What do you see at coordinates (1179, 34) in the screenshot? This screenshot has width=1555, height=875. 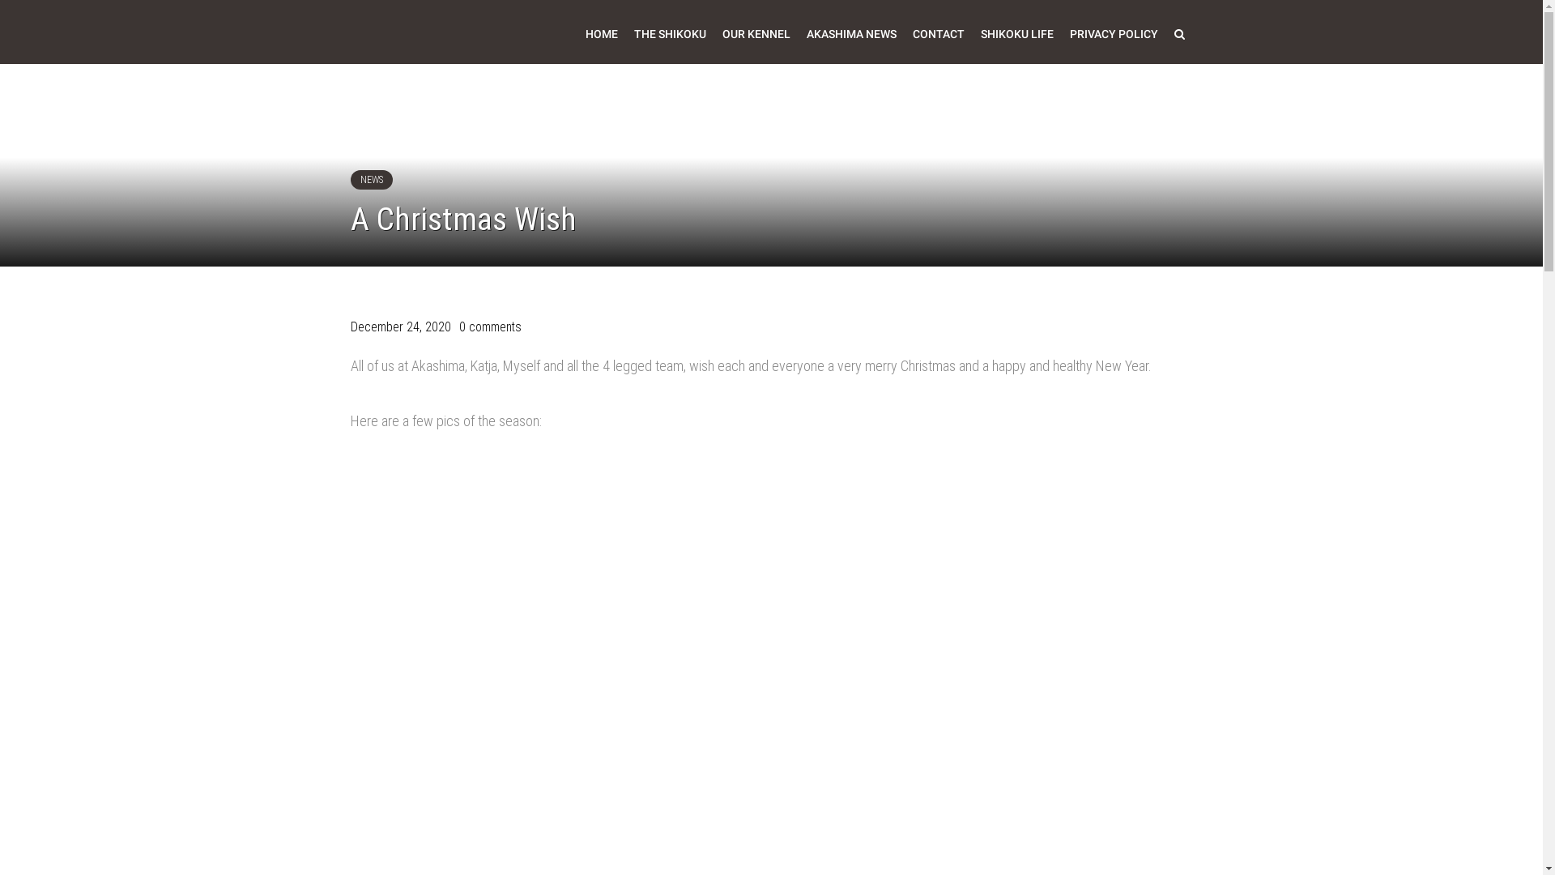 I see `'Search'` at bounding box center [1179, 34].